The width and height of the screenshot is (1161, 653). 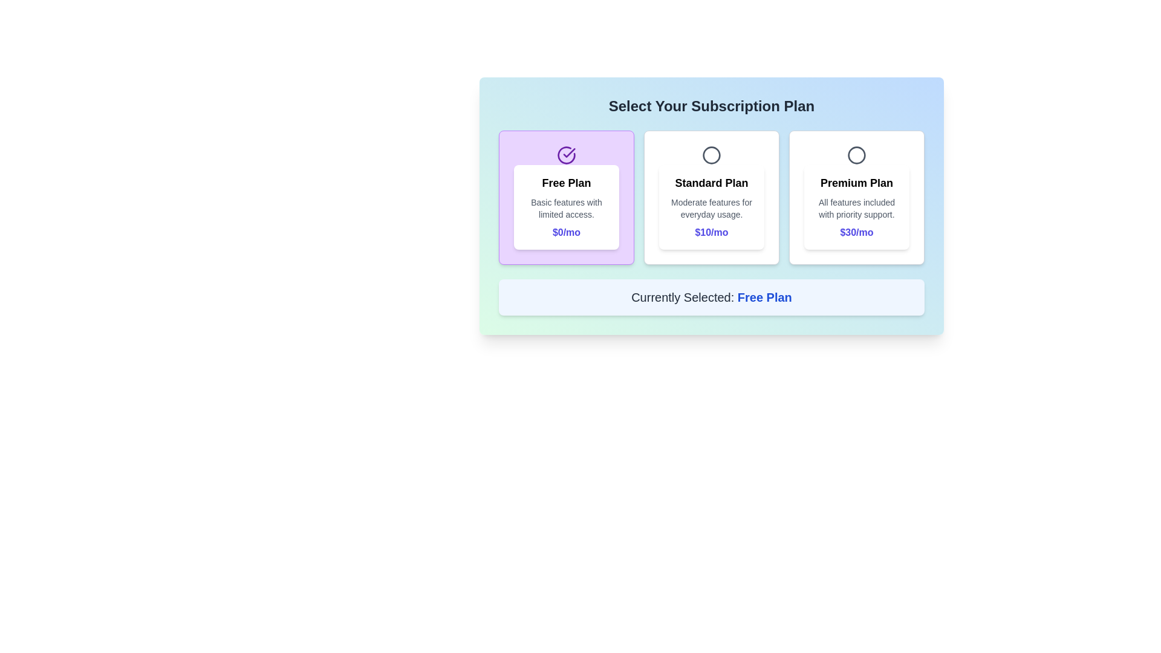 What do you see at coordinates (565, 207) in the screenshot?
I see `text content of the Information Card displaying details about the 'Free Plan' subscription option, which is the leftmost card in the subscription plan card group` at bounding box center [565, 207].